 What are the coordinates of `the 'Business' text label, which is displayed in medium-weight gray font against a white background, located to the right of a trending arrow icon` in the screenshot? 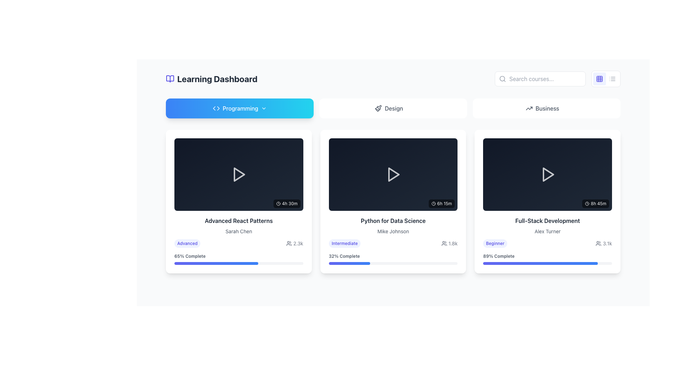 It's located at (547, 108).